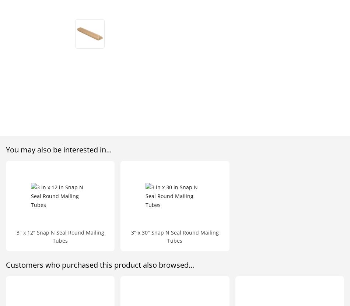 The height and width of the screenshot is (306, 350). I want to click on 'sales@interplas.com', so click(51, 60).